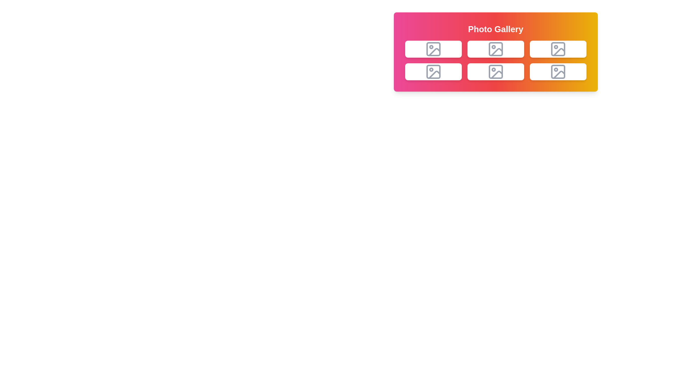  What do you see at coordinates (557, 72) in the screenshot?
I see `the icon in the lower-right corner of the grid in the 'Photo Gallery' section to interact with the image it represents` at bounding box center [557, 72].